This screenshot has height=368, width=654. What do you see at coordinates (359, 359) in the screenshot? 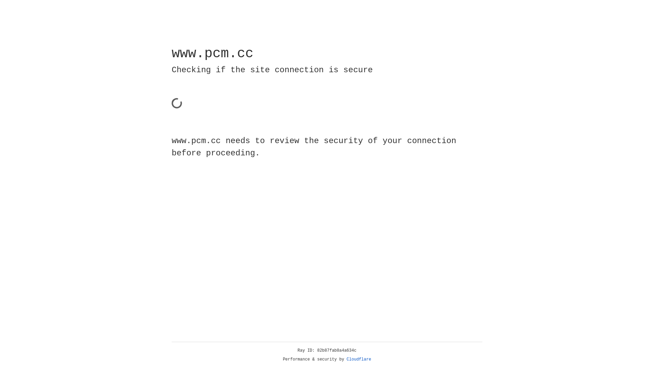
I see `'Cloudflare'` at bounding box center [359, 359].